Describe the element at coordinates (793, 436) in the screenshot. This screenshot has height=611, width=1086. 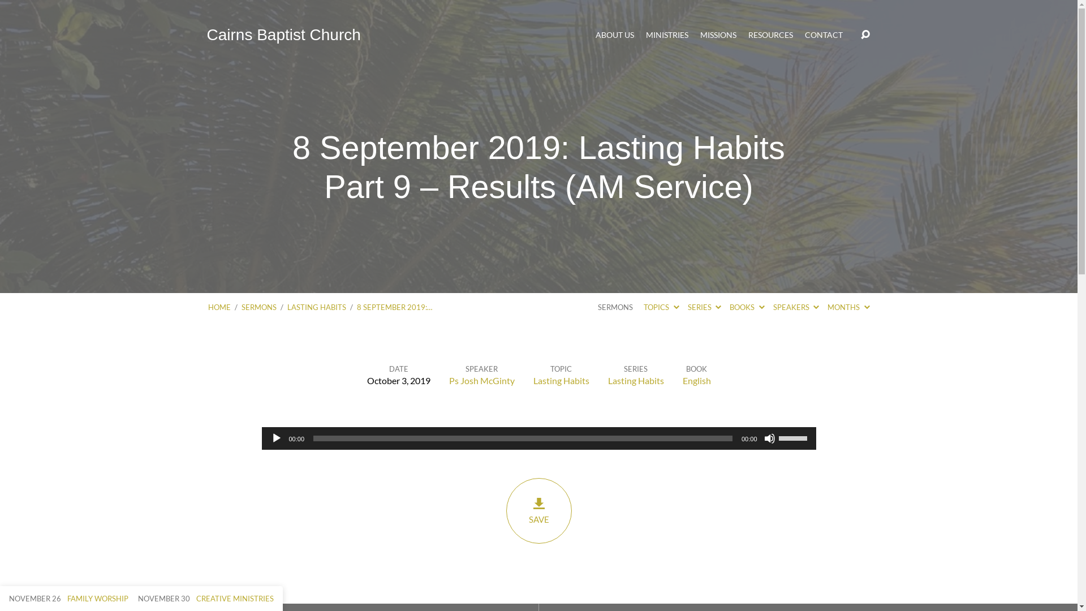
I see `'Use Up/Down Arrow keys to increase or decrease volume.'` at that location.